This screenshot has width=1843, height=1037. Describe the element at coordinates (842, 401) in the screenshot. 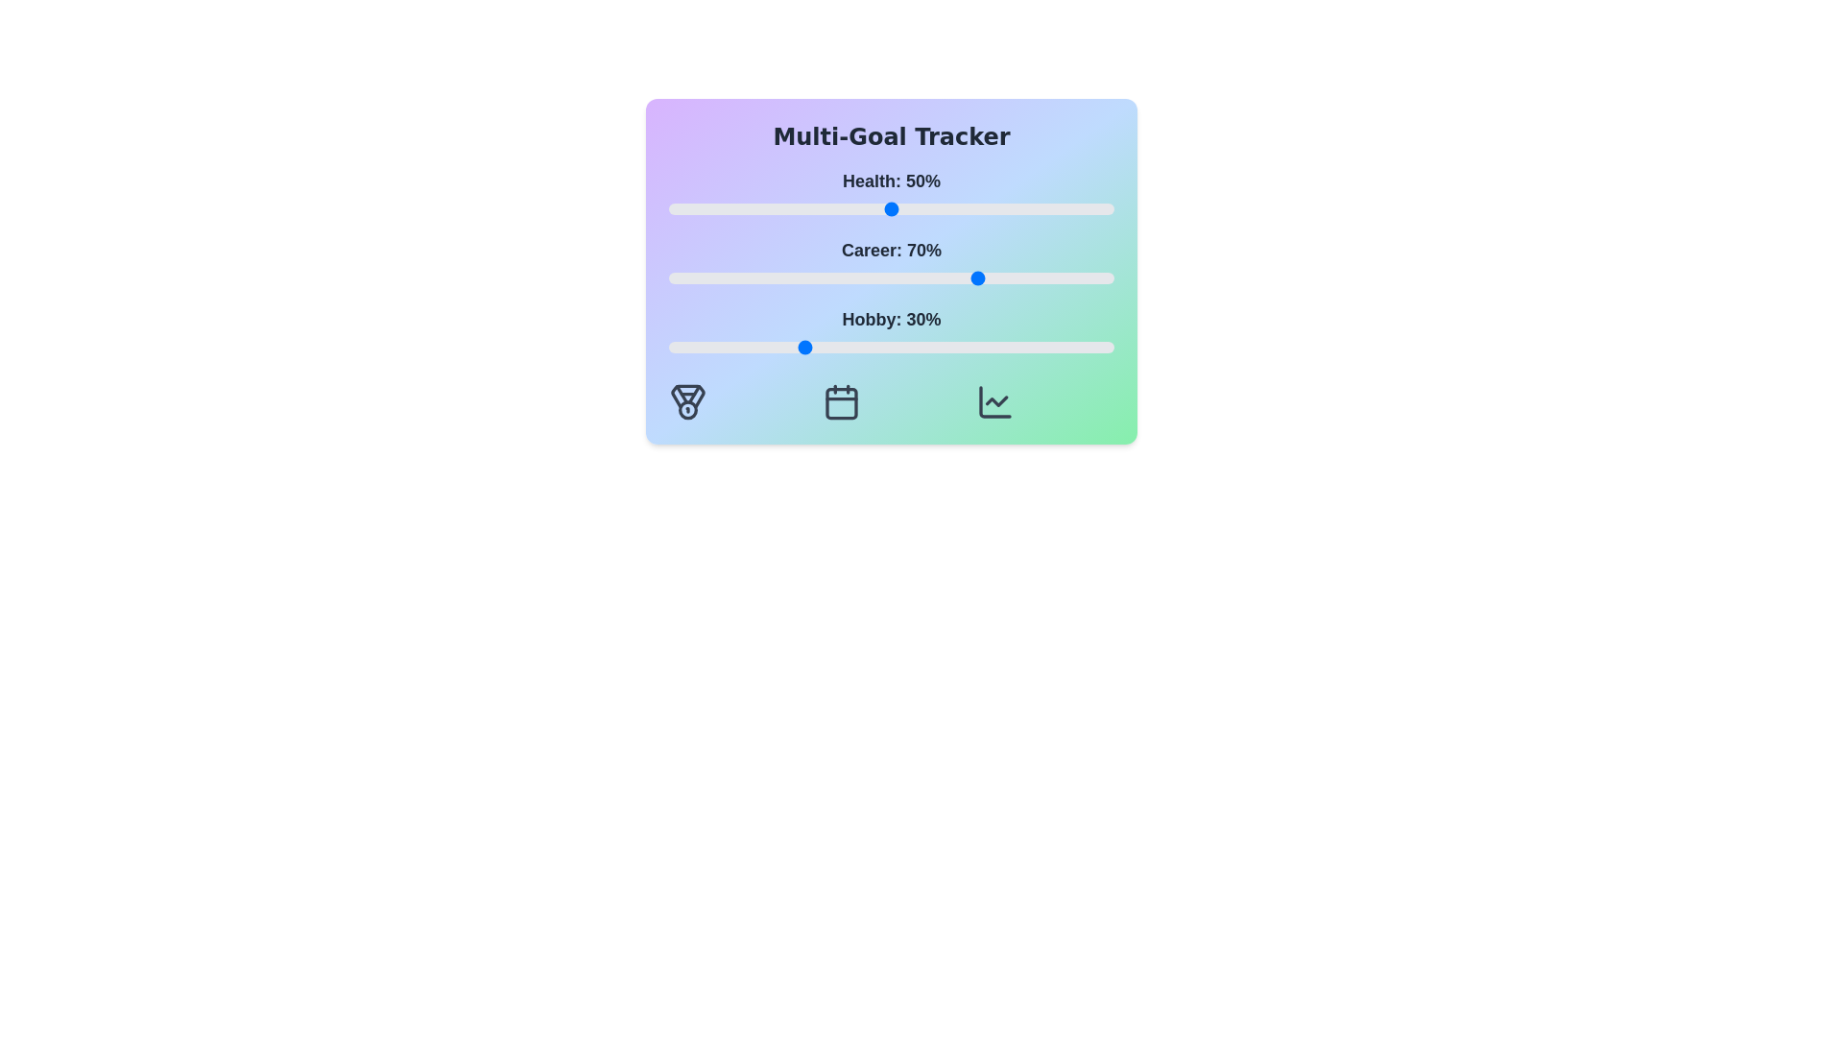

I see `'Calendar' icon` at that location.